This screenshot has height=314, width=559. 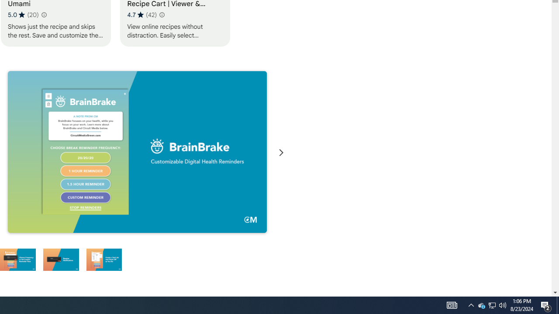 What do you see at coordinates (104, 259) in the screenshot?
I see `'Preview slide 6'` at bounding box center [104, 259].